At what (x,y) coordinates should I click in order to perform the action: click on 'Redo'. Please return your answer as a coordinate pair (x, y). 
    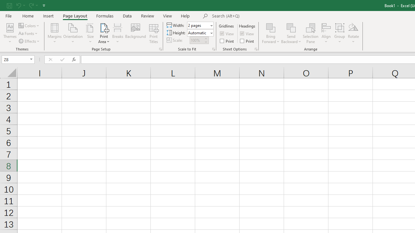
    Looking at the image, I should click on (30, 5).